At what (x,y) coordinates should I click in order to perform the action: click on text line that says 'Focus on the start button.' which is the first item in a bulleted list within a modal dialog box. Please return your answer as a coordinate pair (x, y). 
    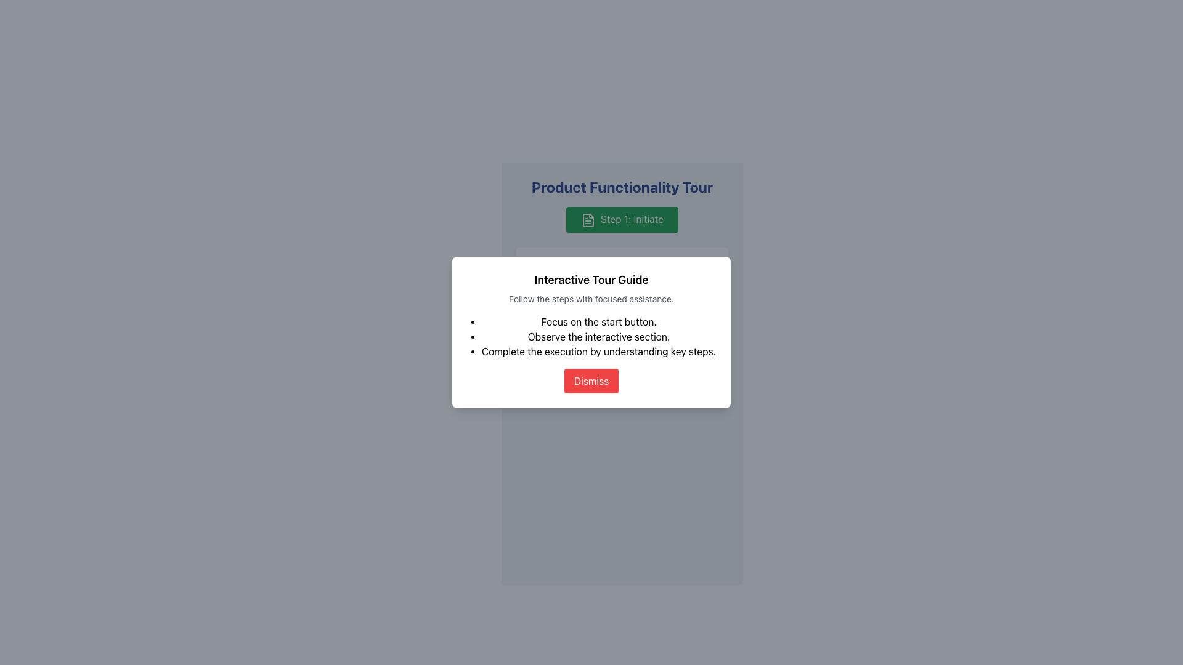
    Looking at the image, I should click on (598, 320).